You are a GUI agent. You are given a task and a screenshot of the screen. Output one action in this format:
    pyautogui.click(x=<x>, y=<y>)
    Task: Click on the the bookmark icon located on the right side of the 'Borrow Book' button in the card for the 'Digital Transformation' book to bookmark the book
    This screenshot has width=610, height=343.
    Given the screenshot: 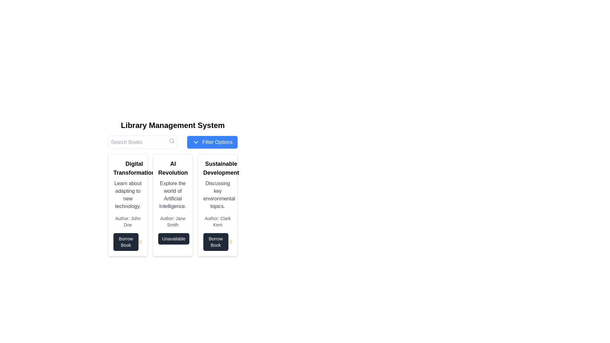 What is the action you would take?
    pyautogui.click(x=140, y=242)
    